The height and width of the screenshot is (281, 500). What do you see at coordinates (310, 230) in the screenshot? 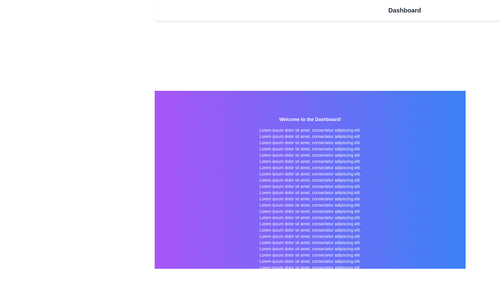
I see `the 19th line of static text that reads 'Lorem ipsum dolor sit amet, consectetur adipiscing elit.' styled with white color against a blue-to-purple gradient background` at bounding box center [310, 230].